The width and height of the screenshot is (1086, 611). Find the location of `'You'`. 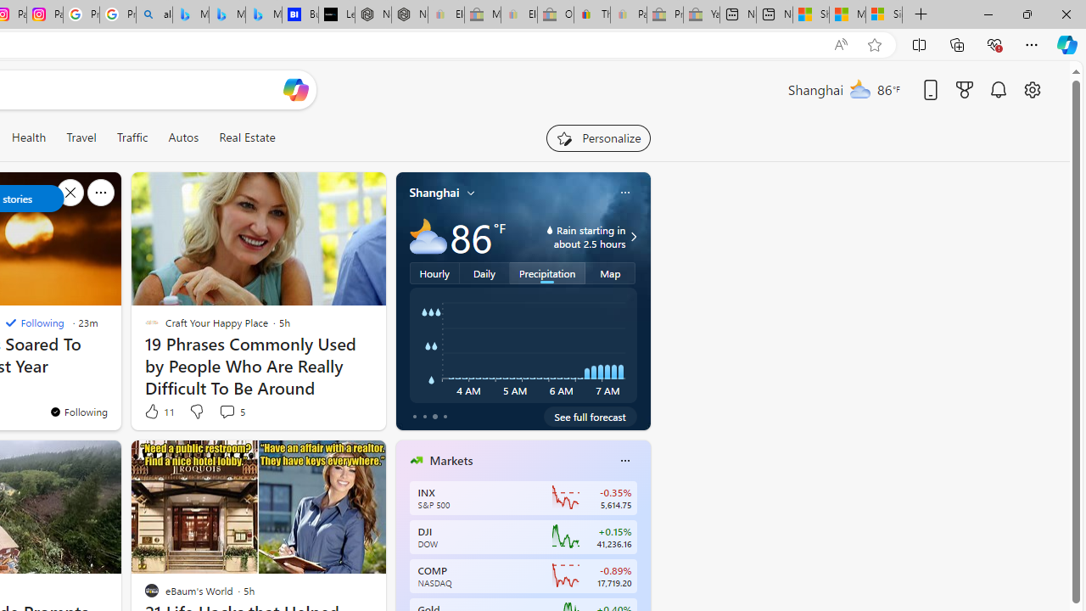

'You' is located at coordinates (77, 412).